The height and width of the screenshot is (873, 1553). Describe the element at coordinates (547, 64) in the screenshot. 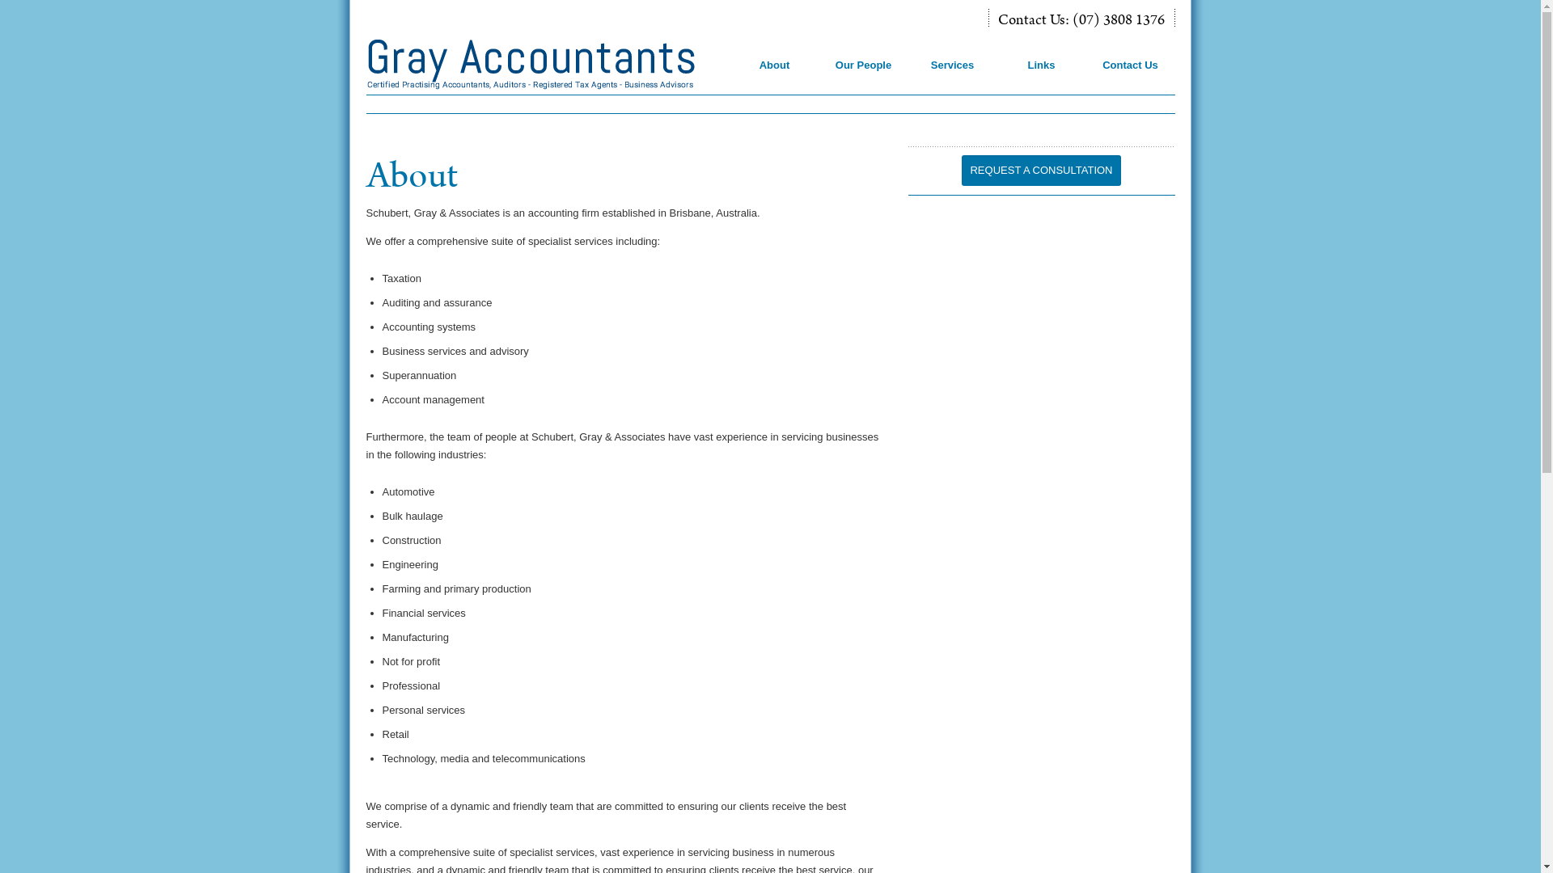

I see `'Gray Accountants'` at that location.